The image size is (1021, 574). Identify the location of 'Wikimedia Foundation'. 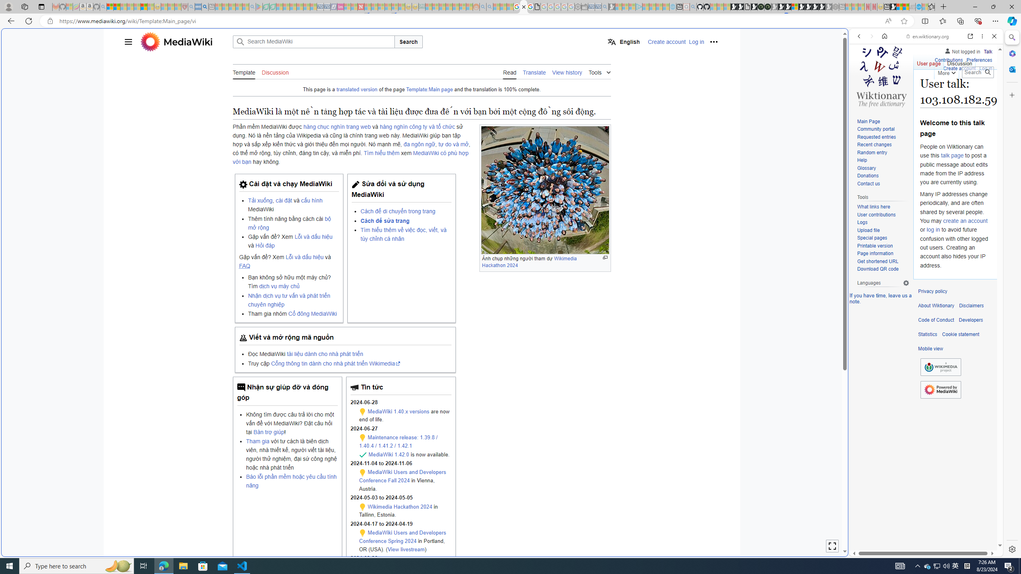
(941, 366).